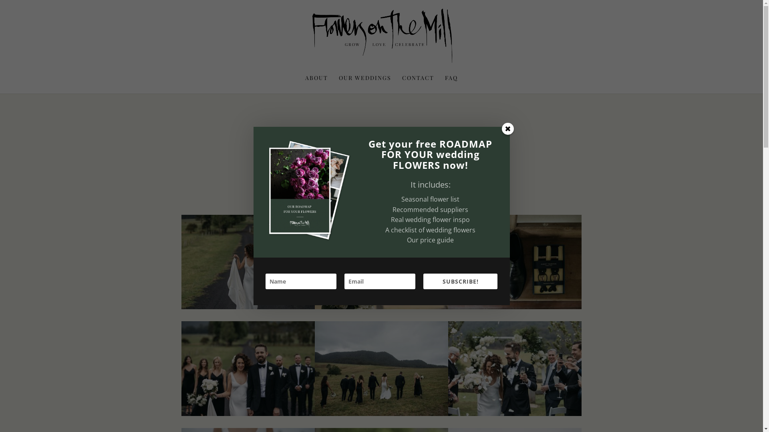  What do you see at coordinates (451, 84) in the screenshot?
I see `'FAQ'` at bounding box center [451, 84].